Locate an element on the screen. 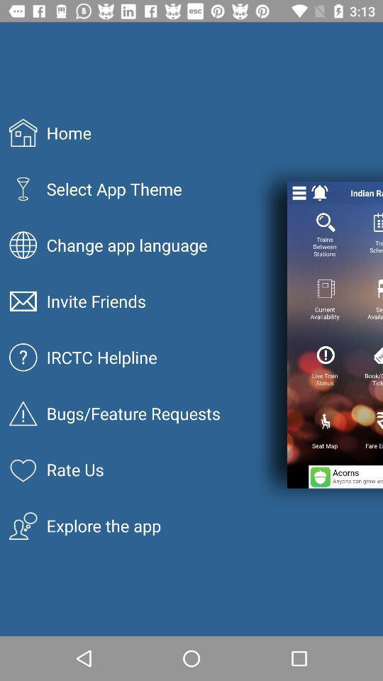 The height and width of the screenshot is (681, 383). the notifications icon is located at coordinates (320, 192).